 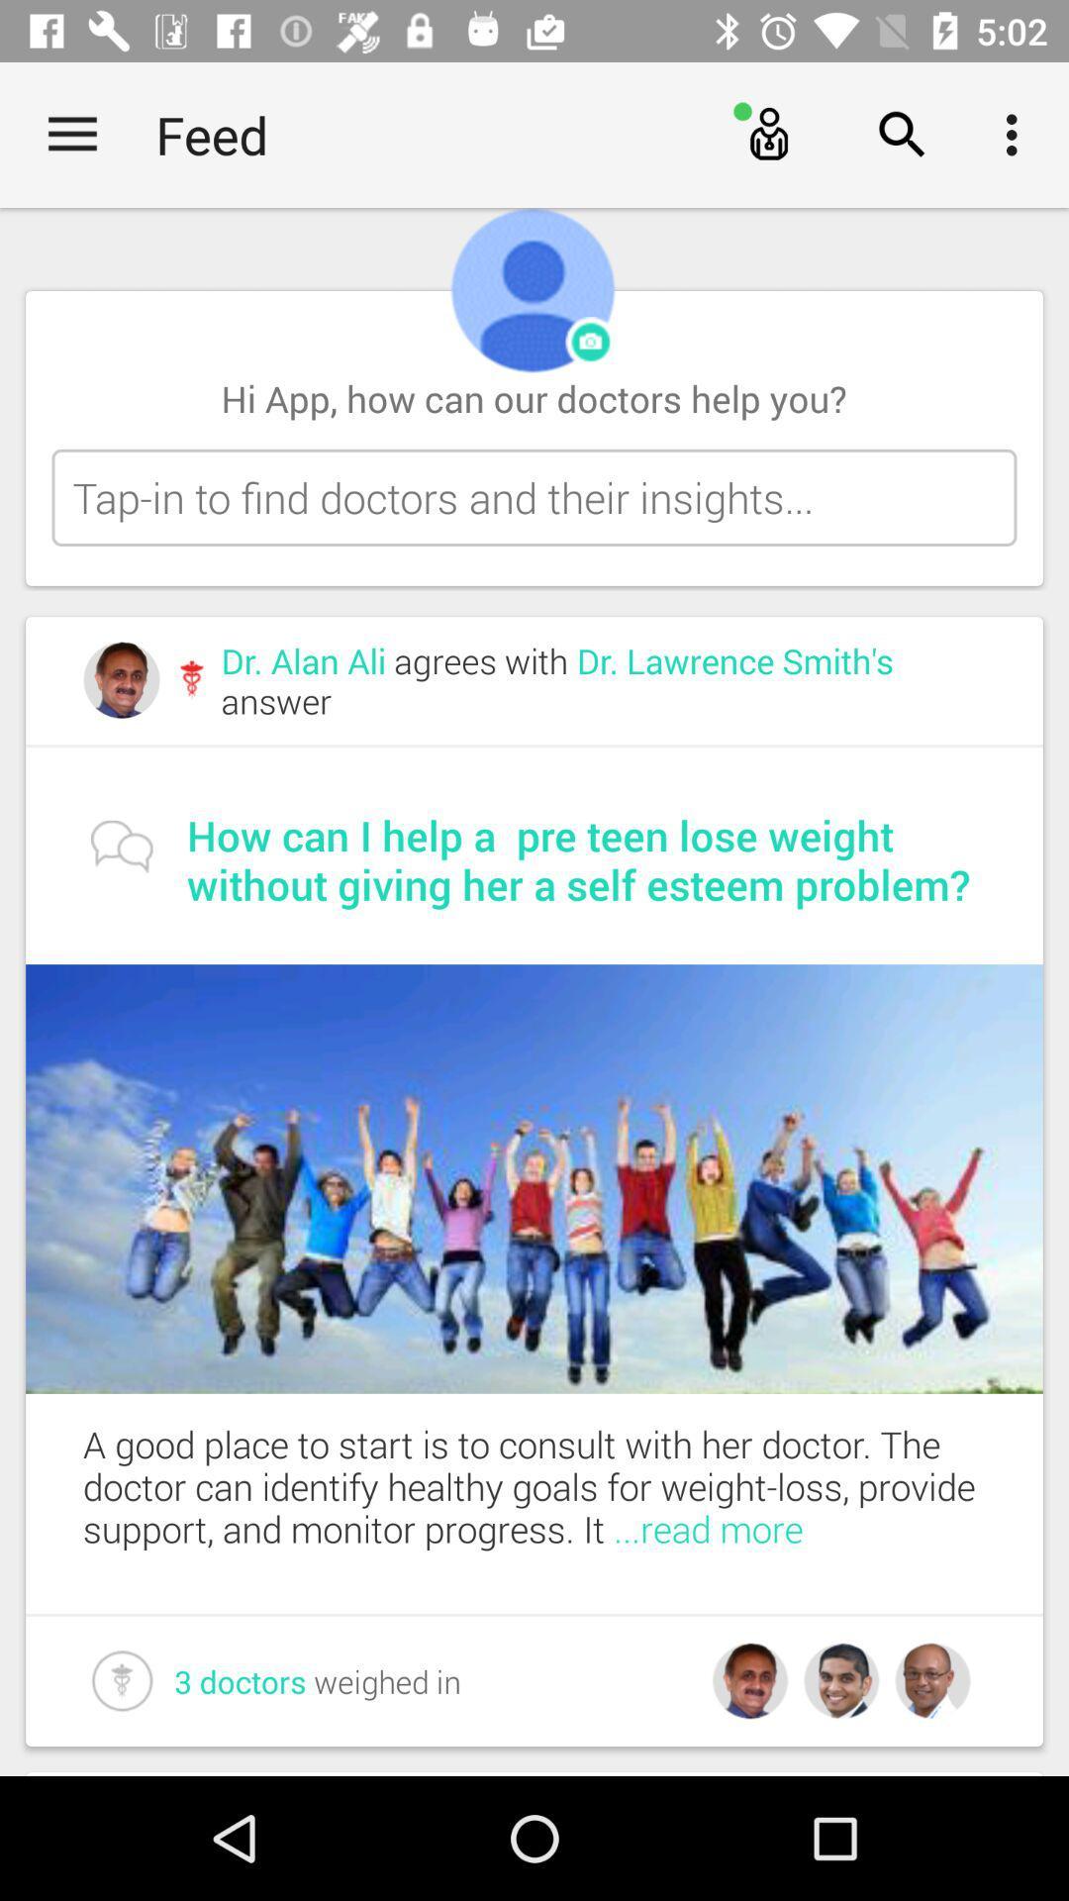 I want to click on change profile picture, so click(x=590, y=343).